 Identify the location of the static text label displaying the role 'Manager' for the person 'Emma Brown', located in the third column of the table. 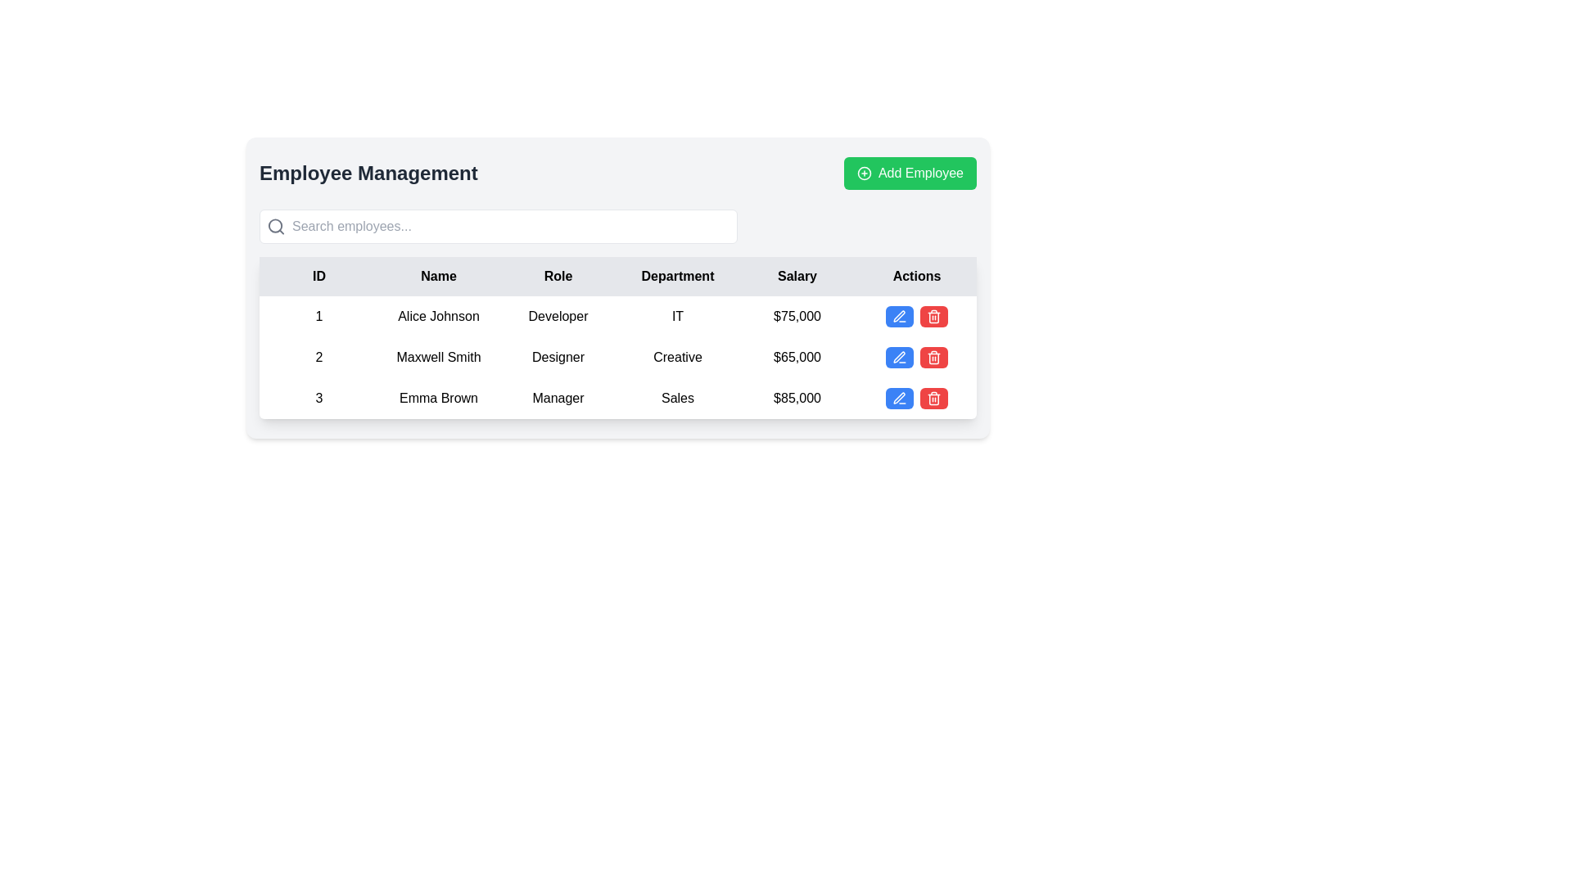
(558, 398).